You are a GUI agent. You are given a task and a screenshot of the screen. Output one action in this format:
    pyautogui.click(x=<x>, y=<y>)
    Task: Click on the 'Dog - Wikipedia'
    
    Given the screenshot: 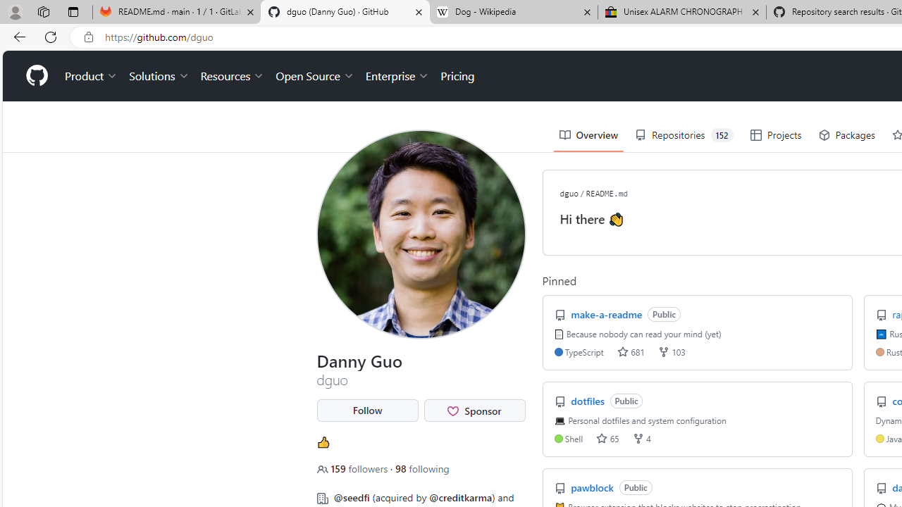 What is the action you would take?
    pyautogui.click(x=513, y=12)
    